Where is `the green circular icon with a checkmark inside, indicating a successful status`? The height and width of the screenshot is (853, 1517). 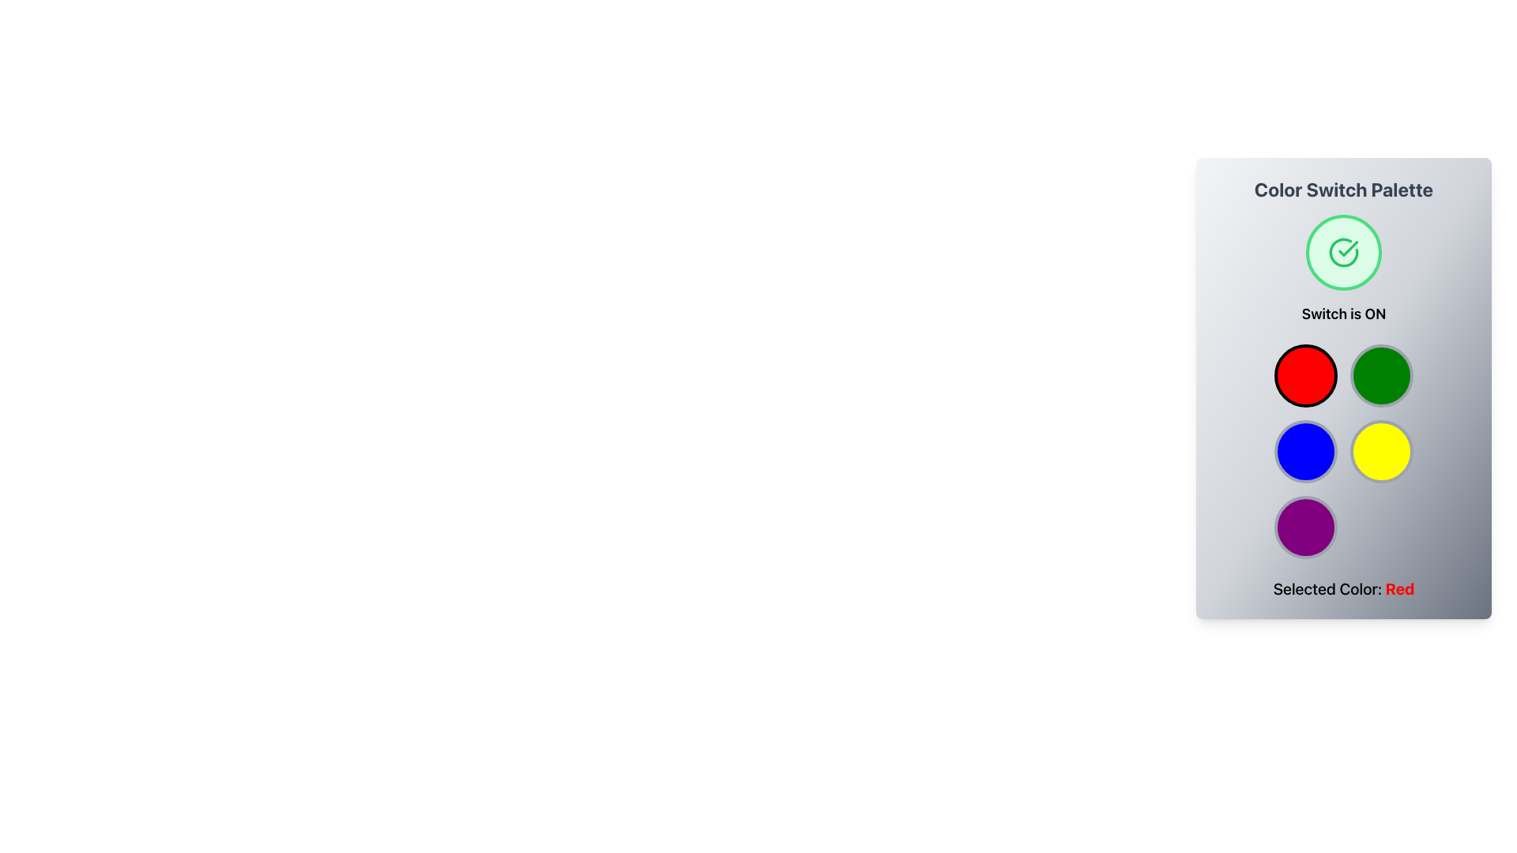
the green circular icon with a checkmark inside, indicating a successful status is located at coordinates (1342, 252).